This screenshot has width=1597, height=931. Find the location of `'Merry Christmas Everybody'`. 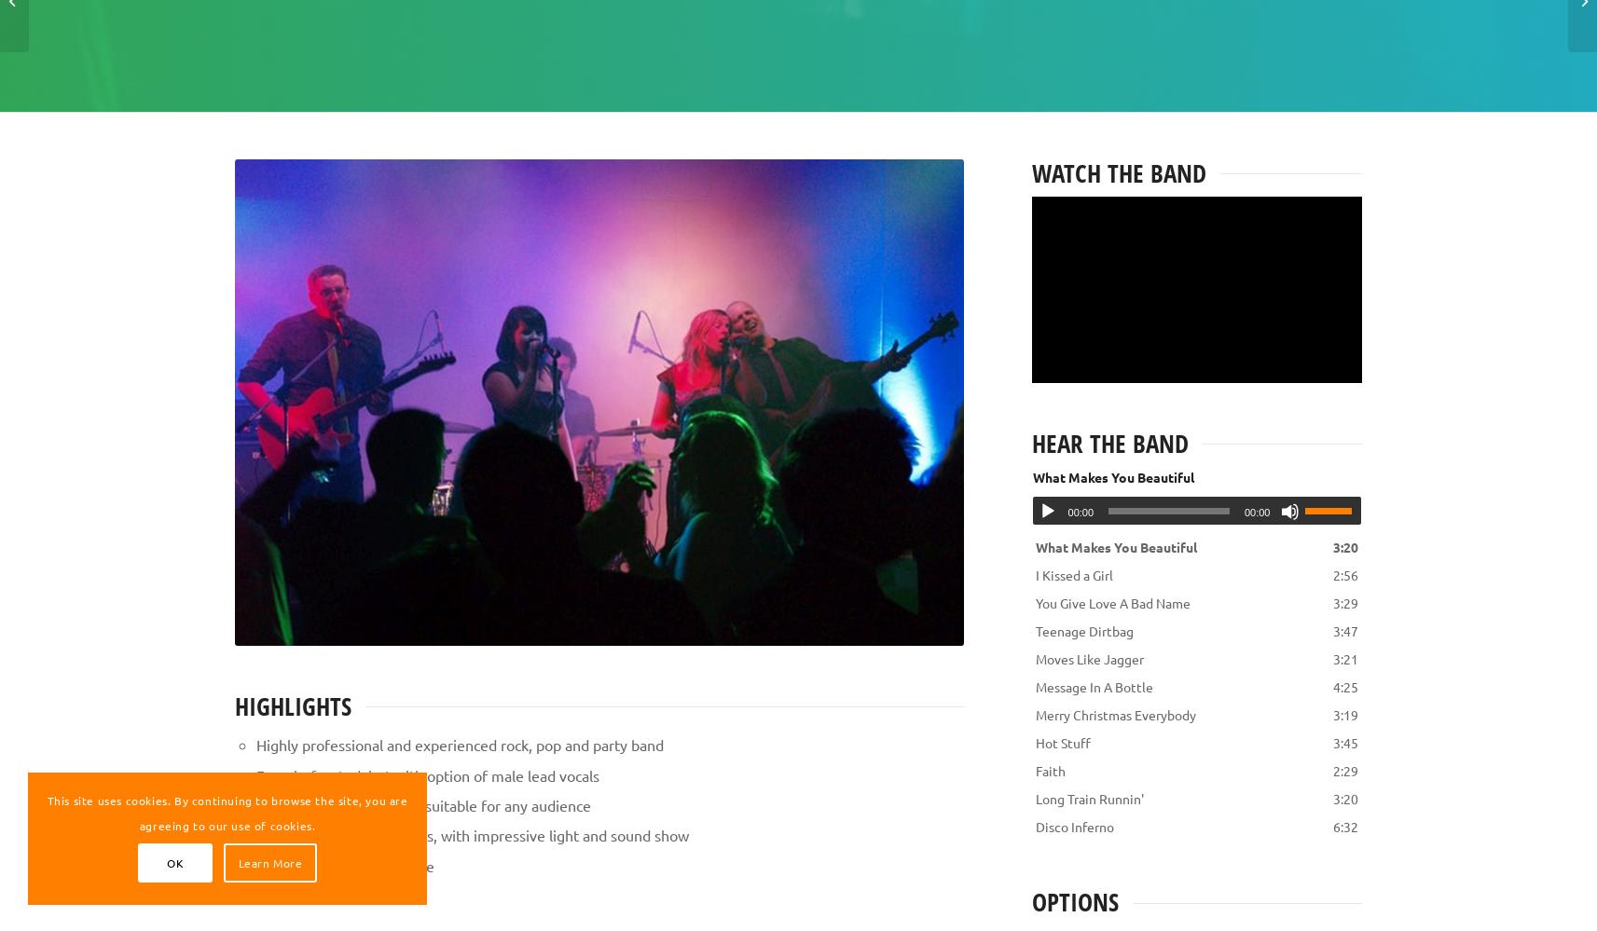

'Merry Christmas Everybody' is located at coordinates (1114, 714).